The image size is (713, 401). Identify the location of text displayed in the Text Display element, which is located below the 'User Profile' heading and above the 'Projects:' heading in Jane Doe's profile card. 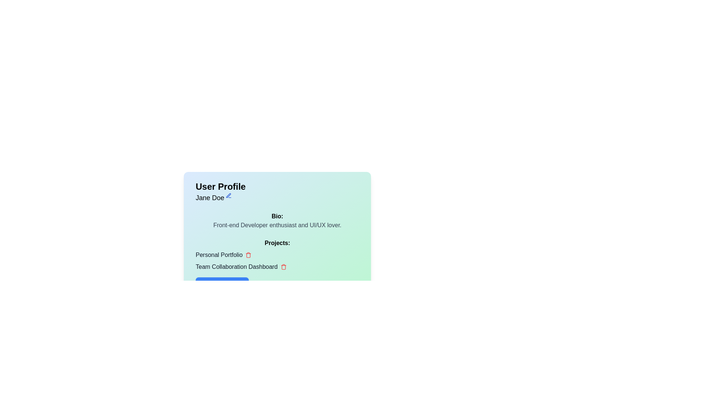
(277, 220).